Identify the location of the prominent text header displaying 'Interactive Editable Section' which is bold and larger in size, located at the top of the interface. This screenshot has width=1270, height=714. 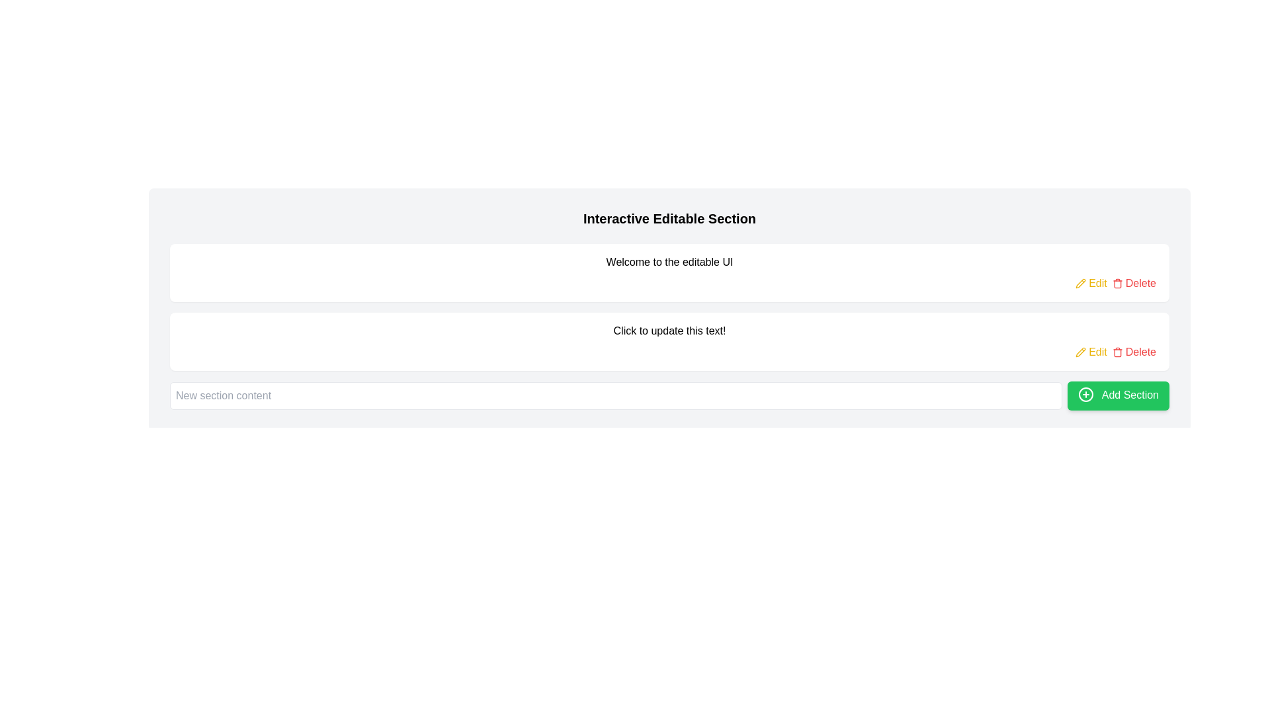
(669, 218).